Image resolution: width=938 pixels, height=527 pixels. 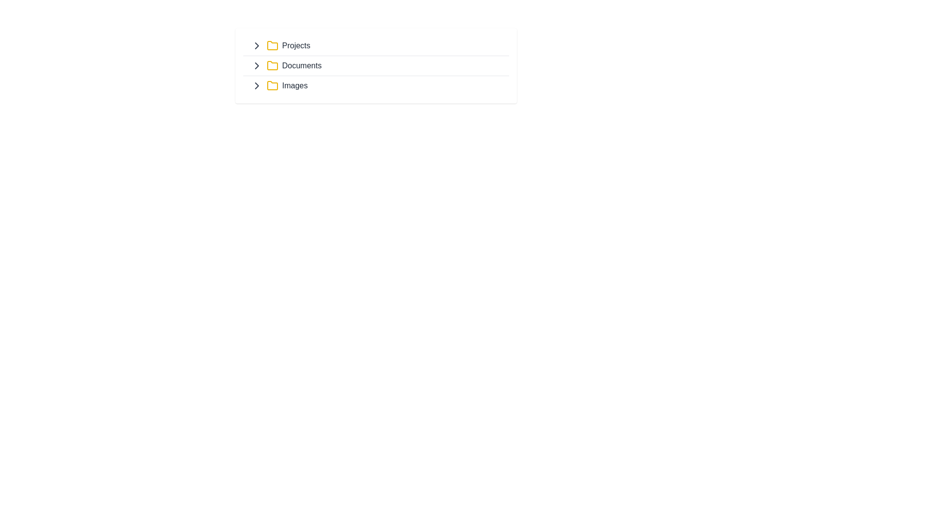 I want to click on the yellow folder icon located within the 'Projects' menu item, situated between a chevron icon and the 'Projects' text, so click(x=272, y=45).